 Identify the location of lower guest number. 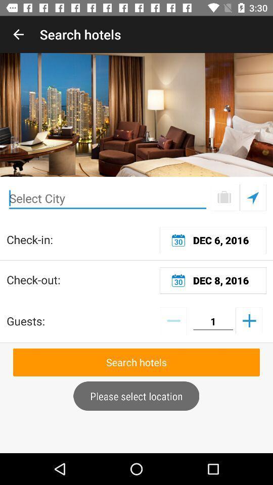
(173, 320).